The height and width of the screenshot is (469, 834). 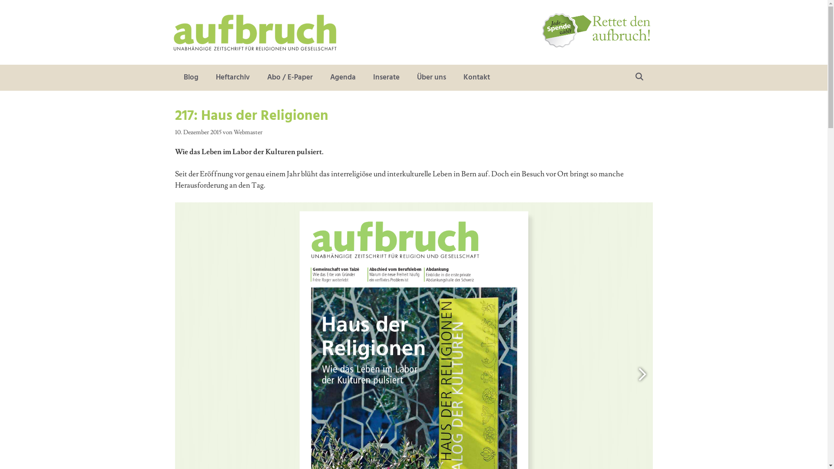 I want to click on 'Kontakt', so click(x=476, y=77).